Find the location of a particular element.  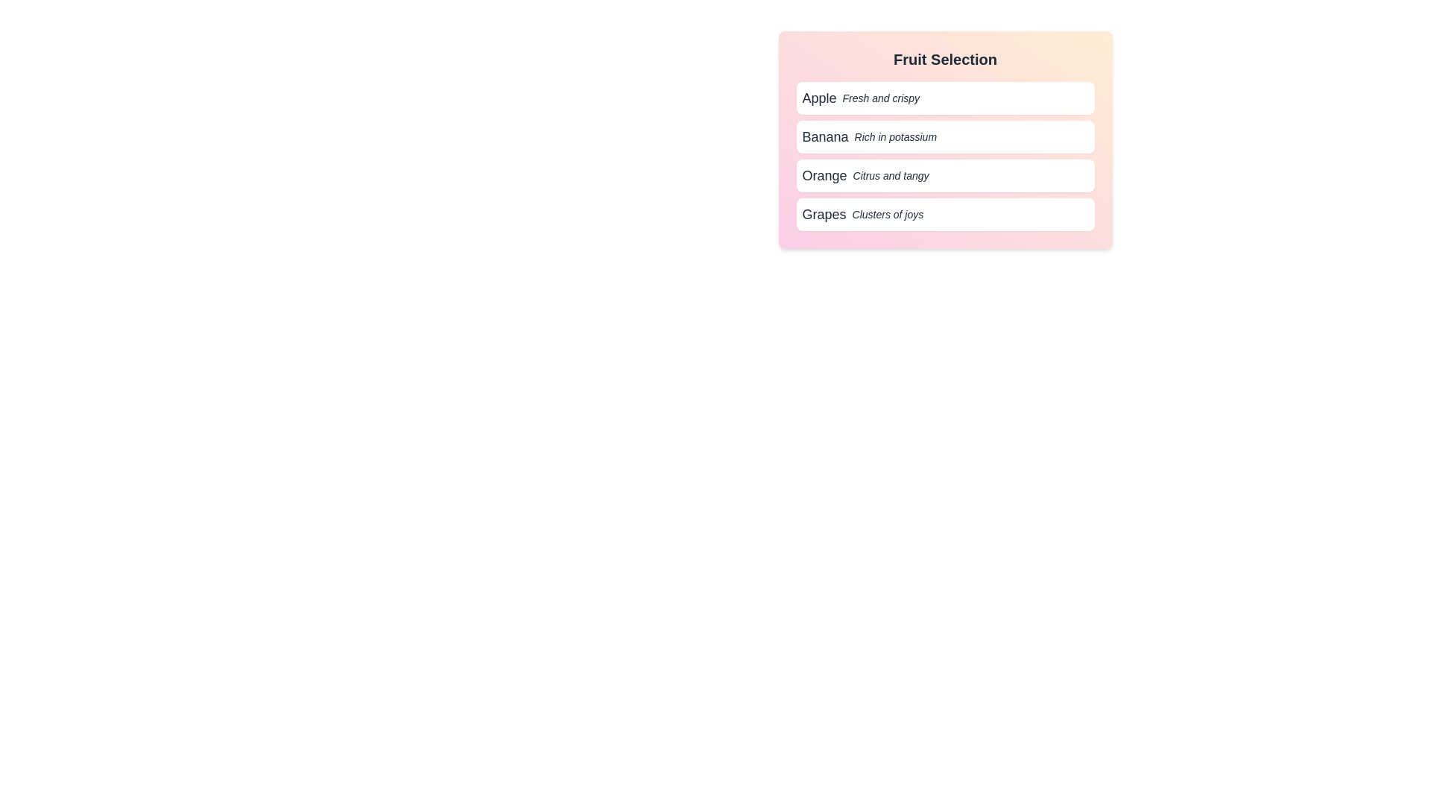

the description of Grapes by hovering over it is located at coordinates (944, 215).